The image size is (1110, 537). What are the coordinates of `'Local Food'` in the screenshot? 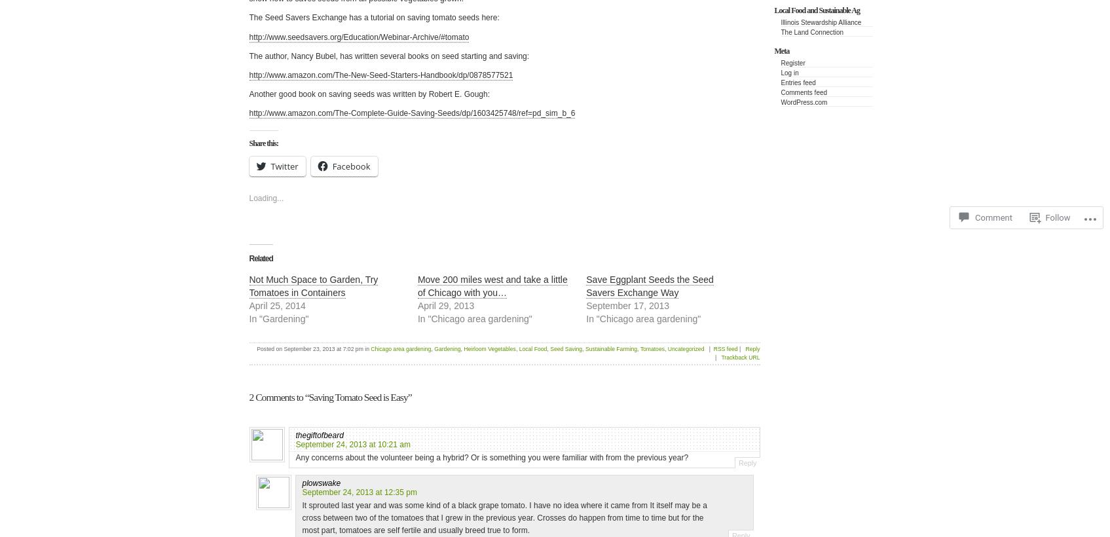 It's located at (519, 348).